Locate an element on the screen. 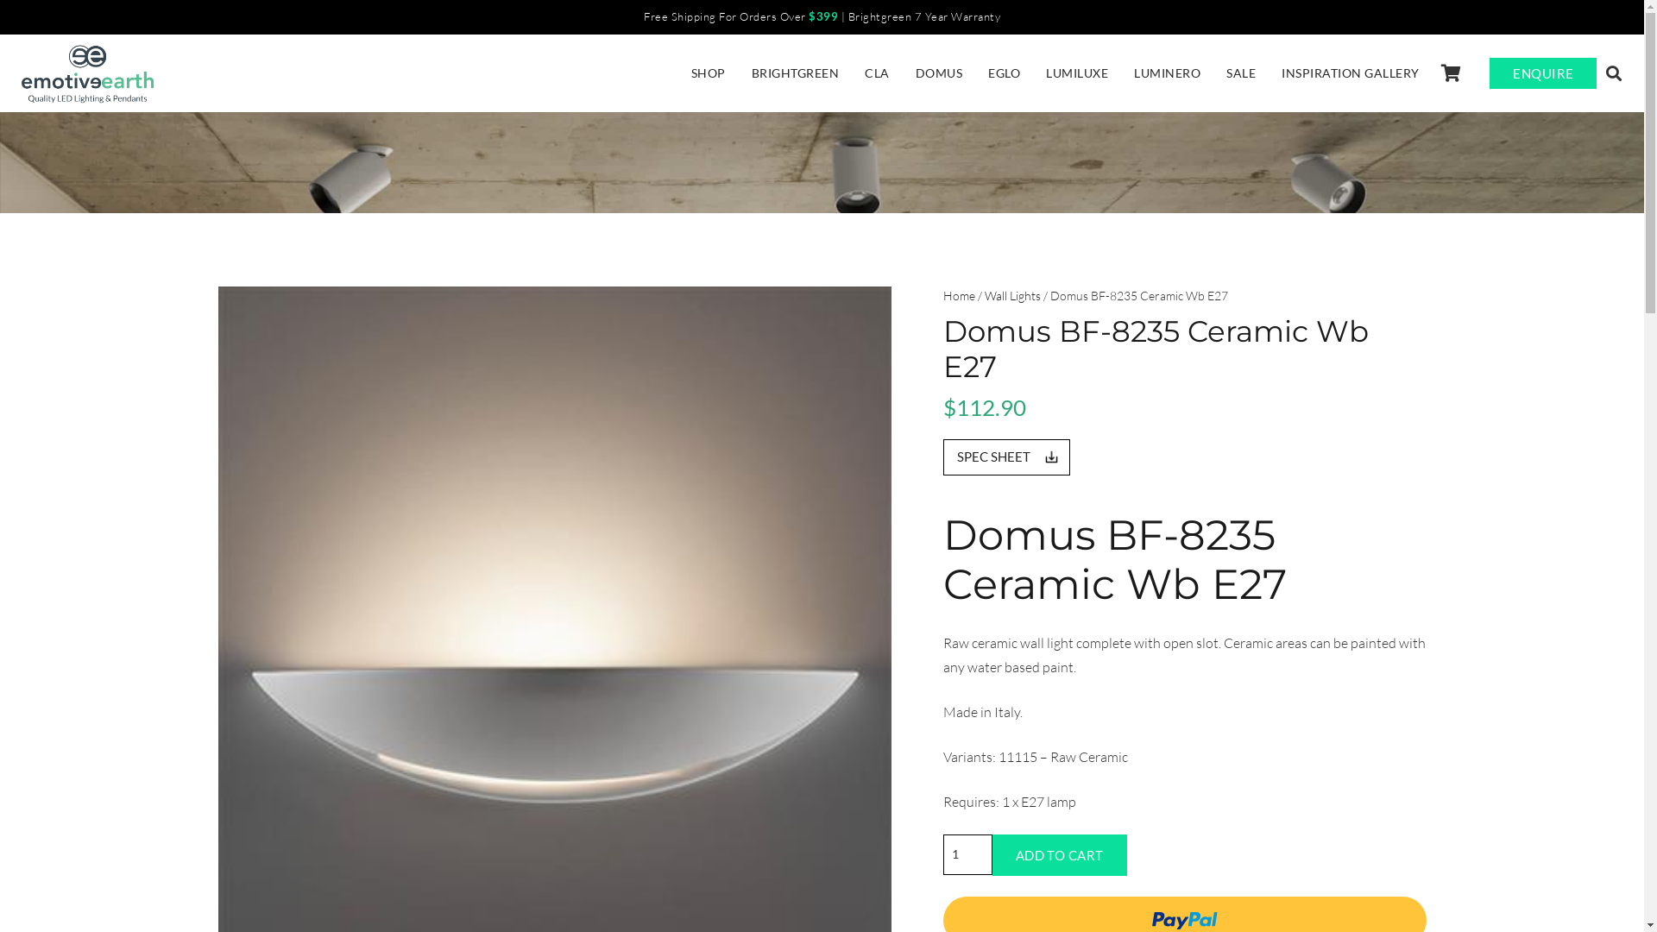  'EGLO' is located at coordinates (1004, 72).